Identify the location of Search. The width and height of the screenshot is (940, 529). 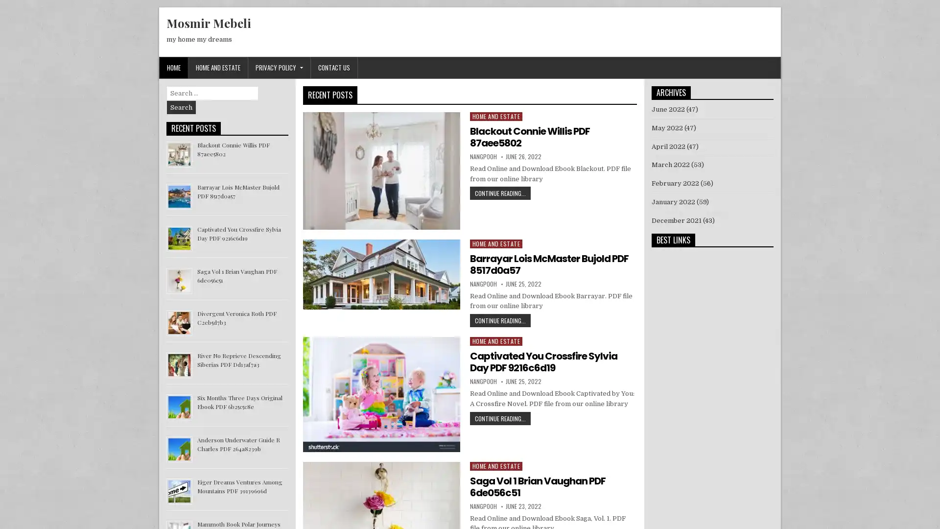
(181, 107).